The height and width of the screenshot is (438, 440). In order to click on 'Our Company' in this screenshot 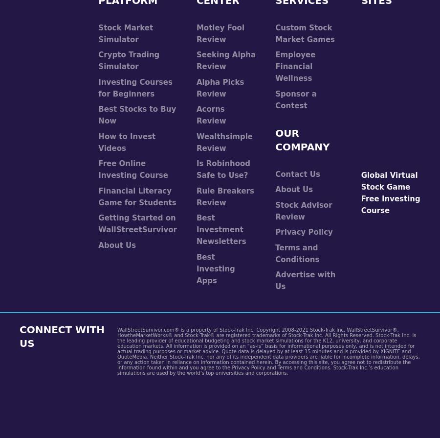, I will do `click(302, 139)`.